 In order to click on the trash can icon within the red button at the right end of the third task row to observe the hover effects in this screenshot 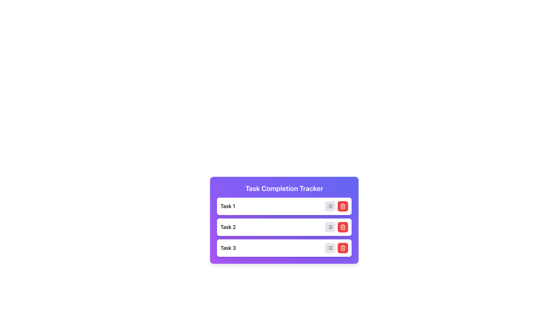, I will do `click(343, 248)`.